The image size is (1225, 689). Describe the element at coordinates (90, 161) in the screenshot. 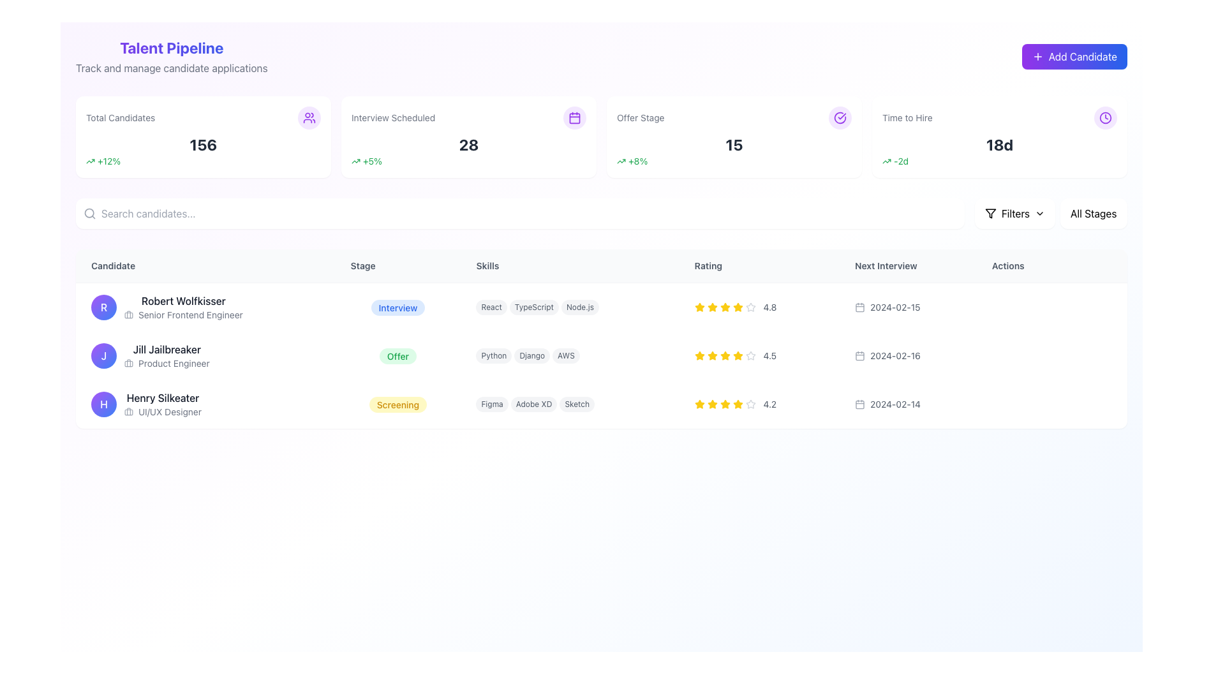

I see `the small upward-pointing trend icon styled as a line graph in green, which is located just before the text '+12%' in the top-left section of the card displaying the total number of candidates` at that location.